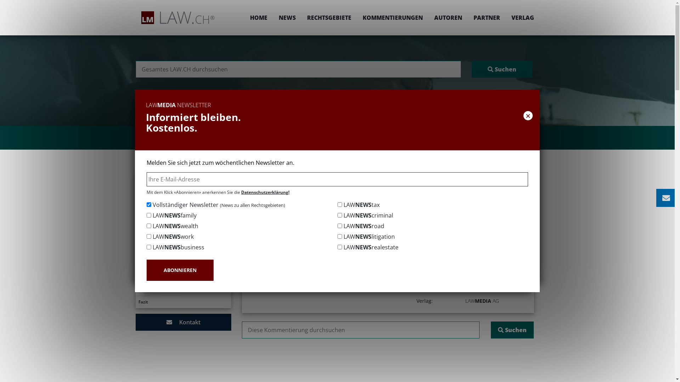  Describe the element at coordinates (183, 322) in the screenshot. I see `'    Kontakt'` at that location.